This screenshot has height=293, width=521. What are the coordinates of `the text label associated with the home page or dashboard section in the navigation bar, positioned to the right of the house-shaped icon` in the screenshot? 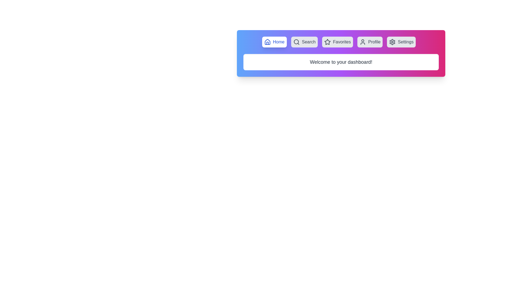 It's located at (279, 42).